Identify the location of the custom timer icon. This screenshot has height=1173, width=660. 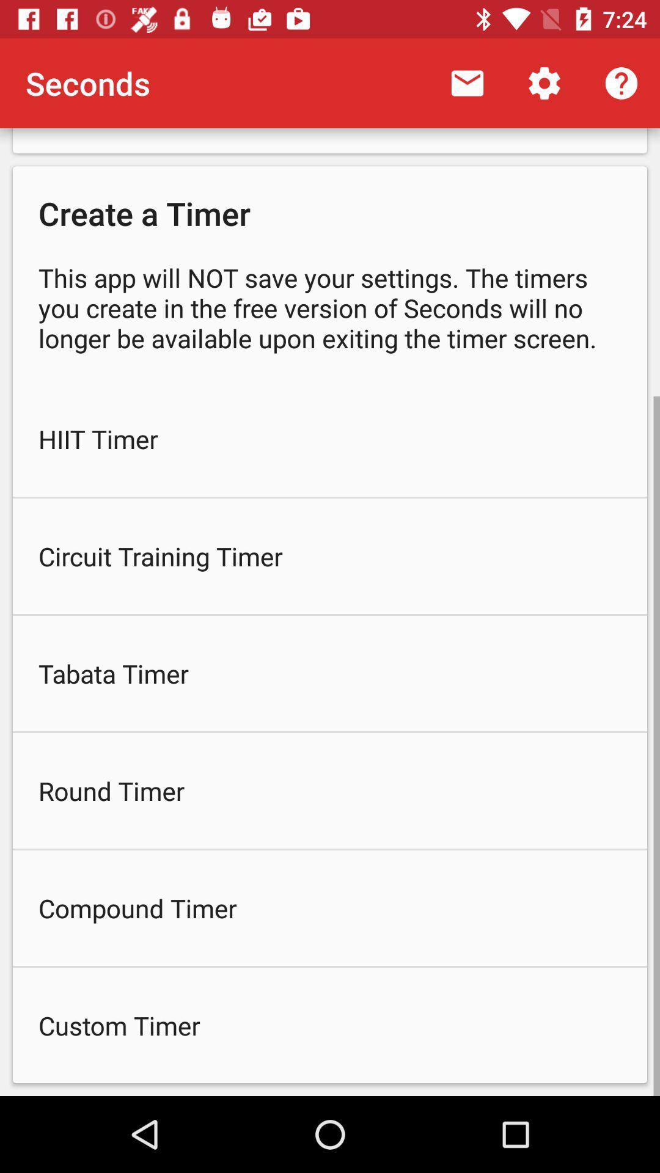
(330, 1025).